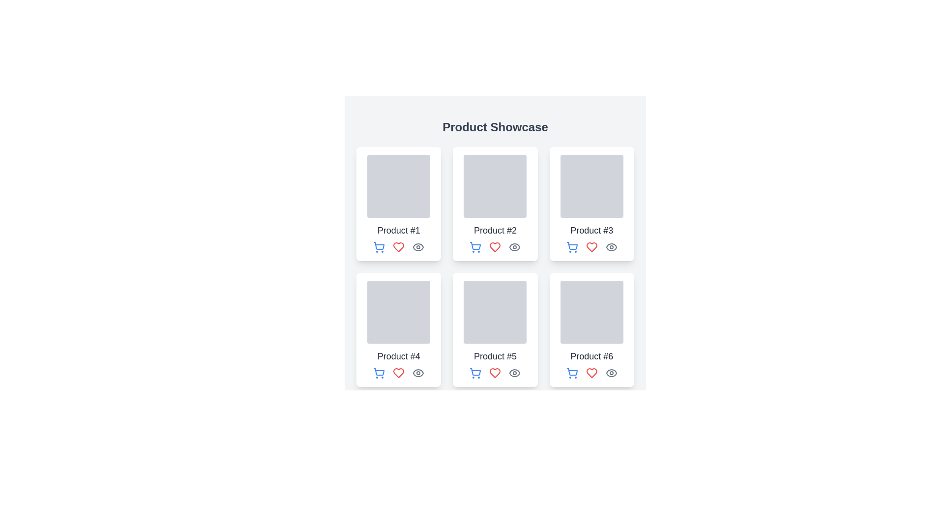 This screenshot has height=531, width=944. What do you see at coordinates (399, 231) in the screenshot?
I see `the text label displaying 'Product #1' in bold gray font, located centrally below an image placeholder within a white card` at bounding box center [399, 231].